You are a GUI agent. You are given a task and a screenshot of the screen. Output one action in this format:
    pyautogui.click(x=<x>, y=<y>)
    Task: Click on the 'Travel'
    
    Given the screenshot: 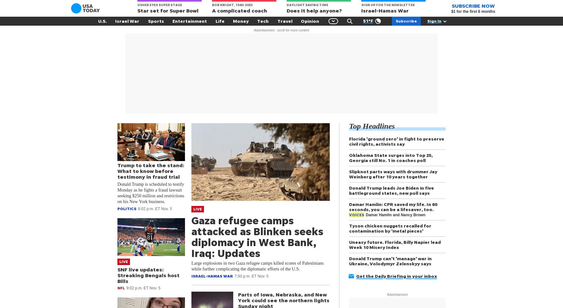 What is the action you would take?
    pyautogui.click(x=284, y=21)
    